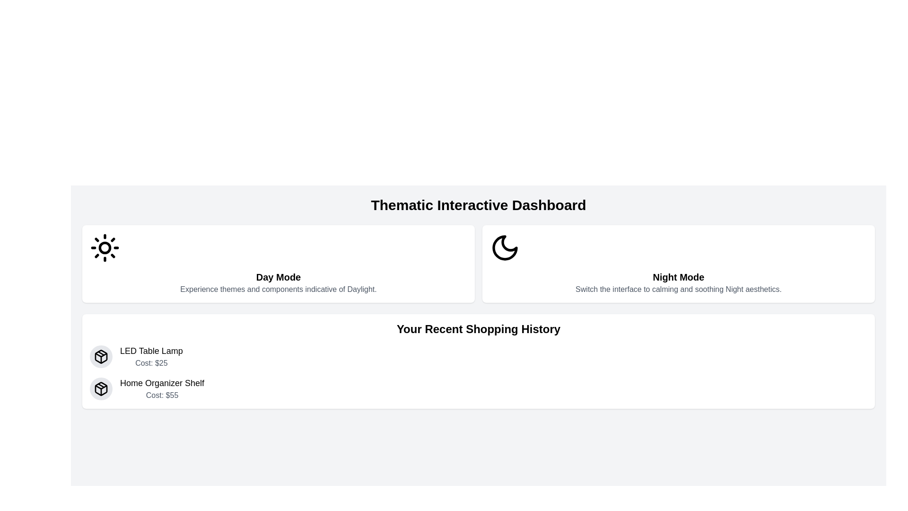 This screenshot has width=908, height=511. I want to click on the 3D box icon located in the 'Your Recent Shopping History' section, next to the text 'LED Table Lamp', so click(101, 356).